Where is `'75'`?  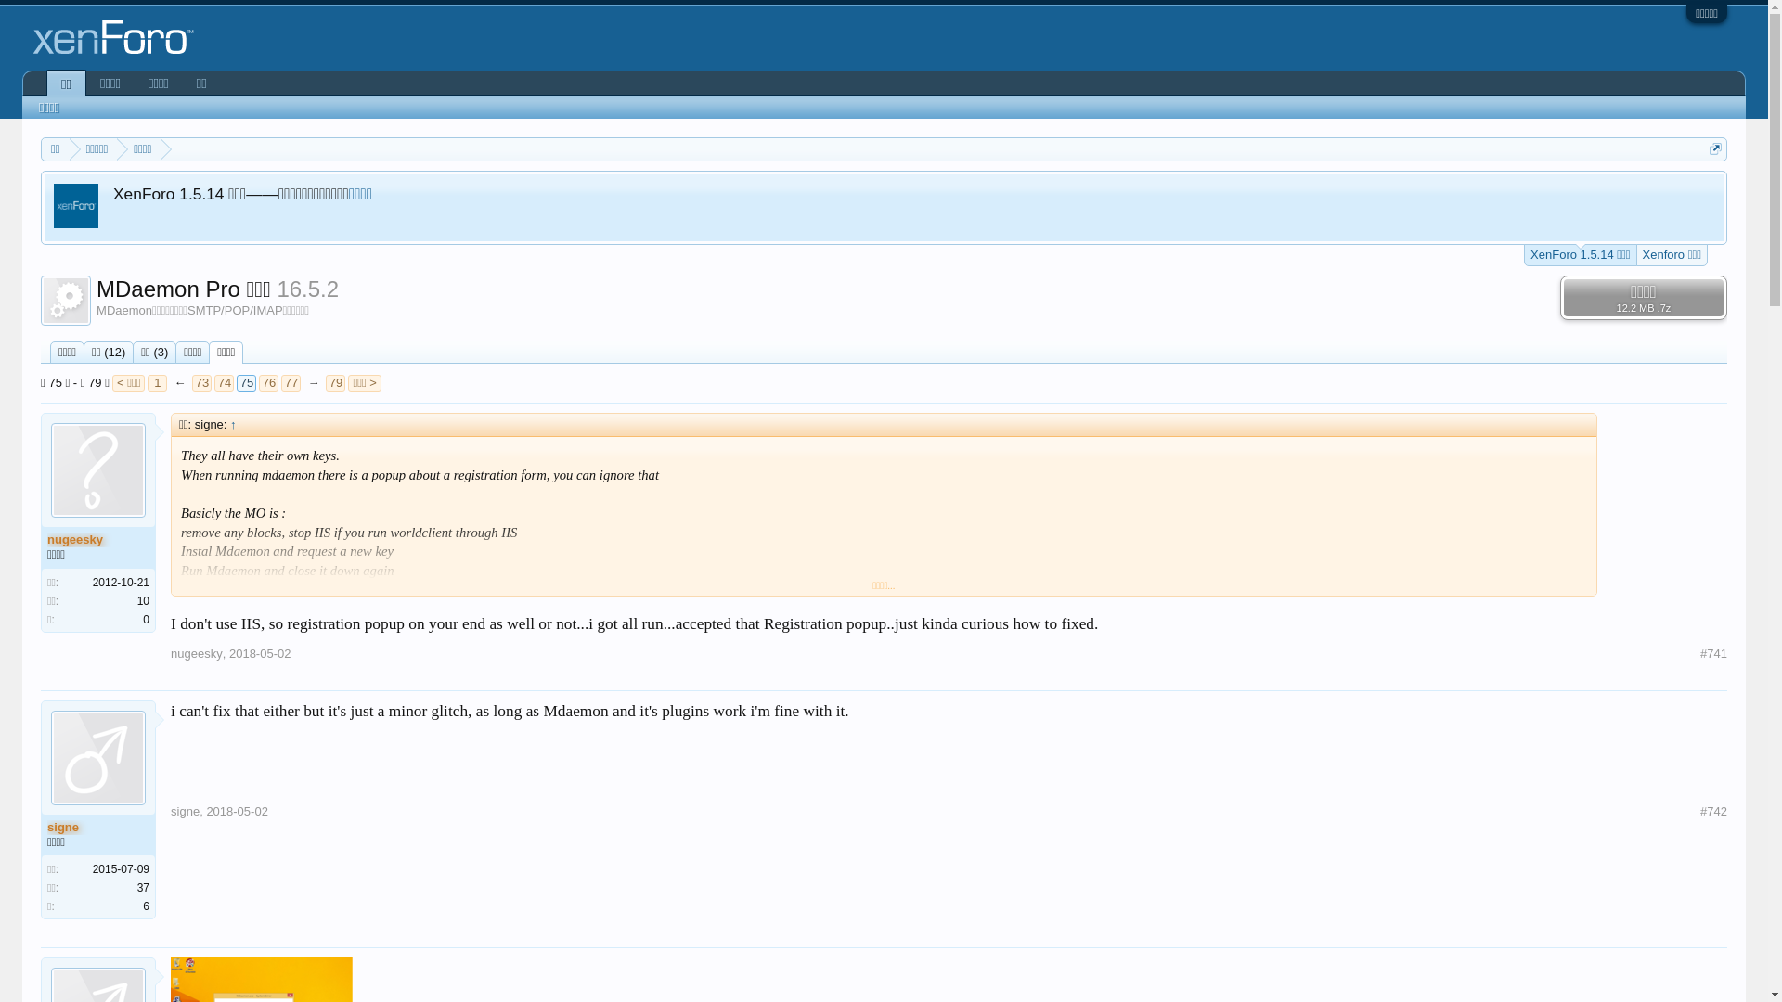
'75' is located at coordinates (245, 381).